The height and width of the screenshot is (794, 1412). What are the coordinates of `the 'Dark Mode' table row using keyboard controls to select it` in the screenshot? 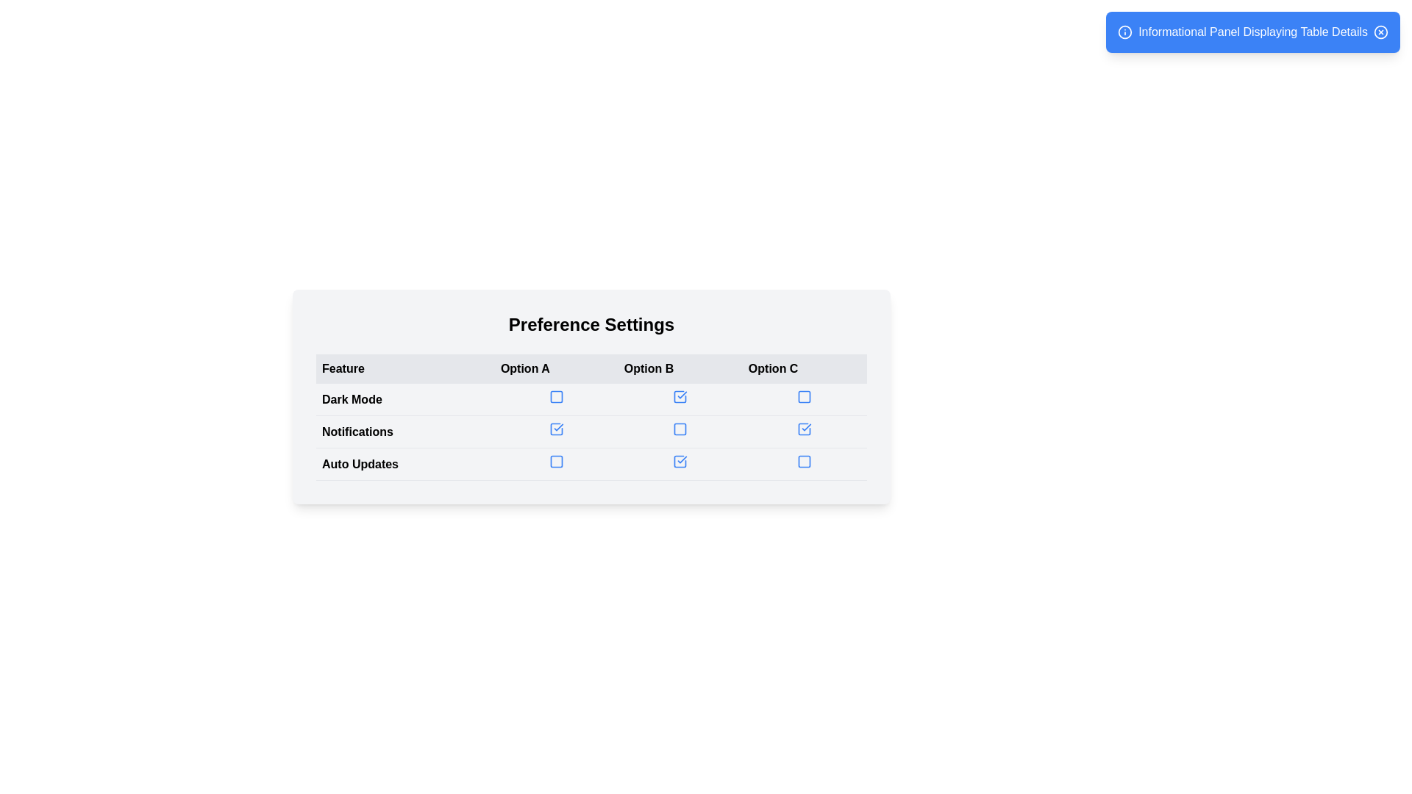 It's located at (591, 399).